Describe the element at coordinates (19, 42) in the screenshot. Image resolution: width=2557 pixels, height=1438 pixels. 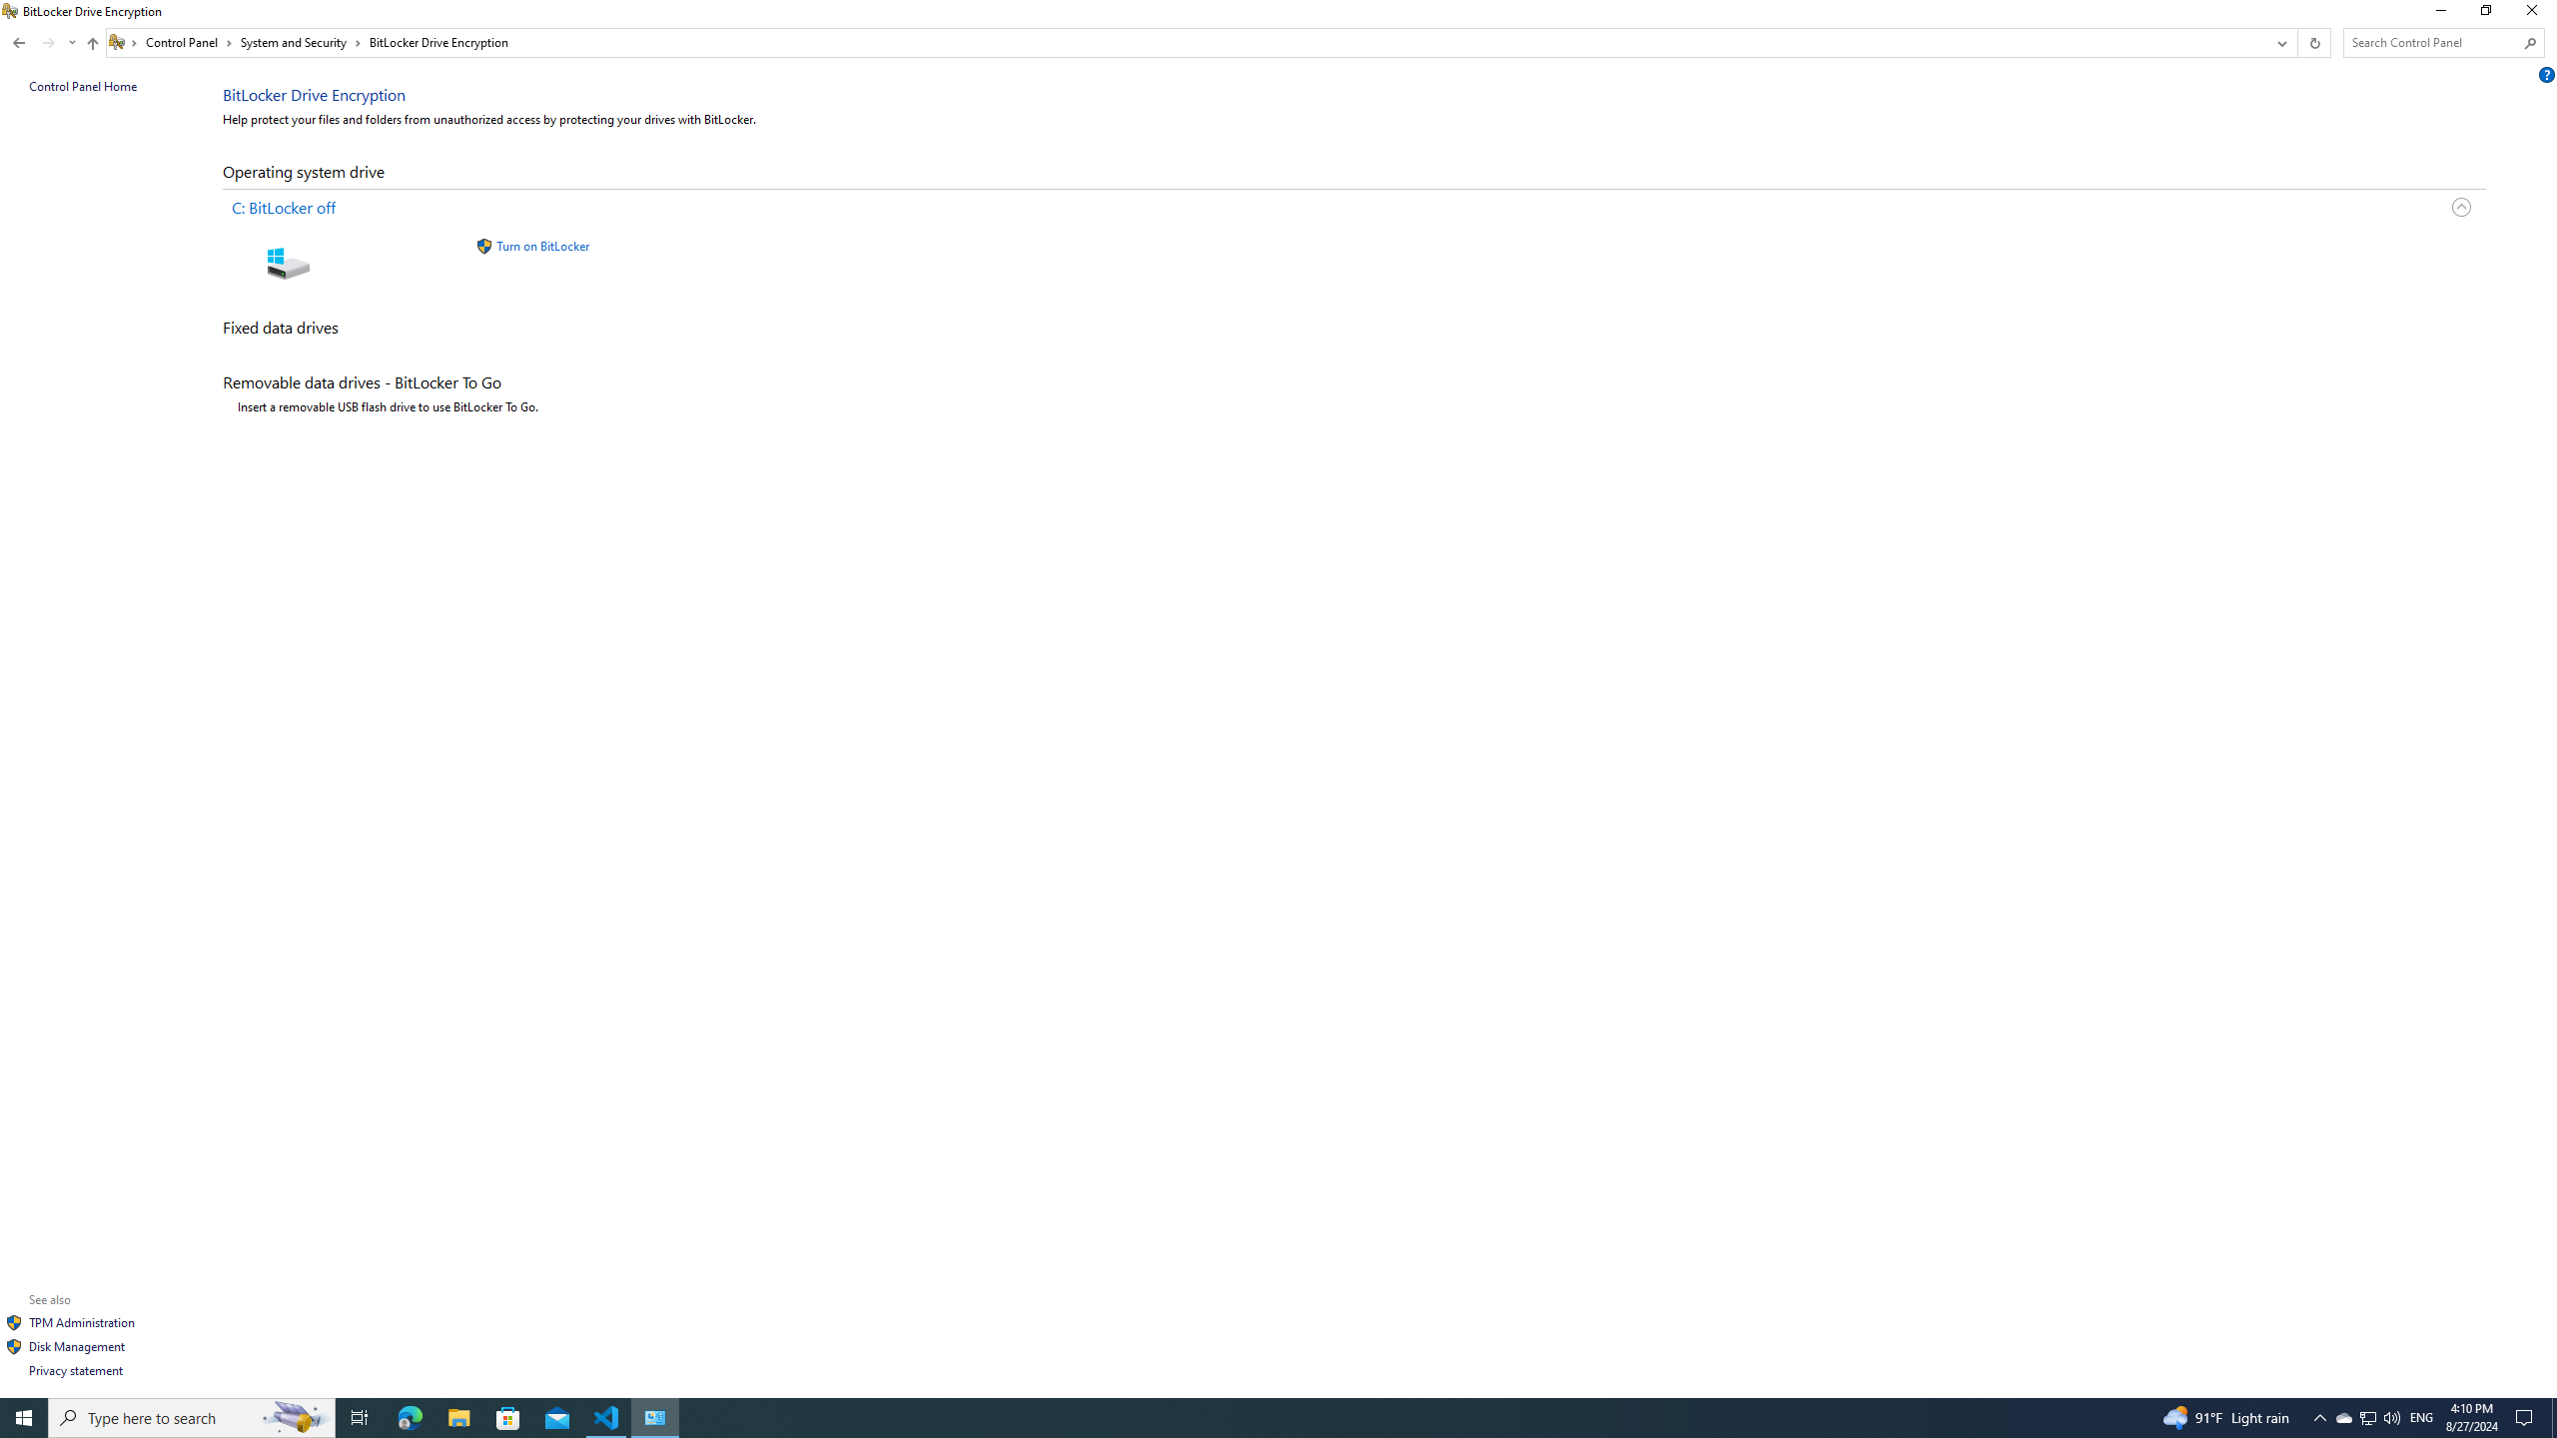
I see `'Back to System and Security (Alt + Left Arrow)'` at that location.